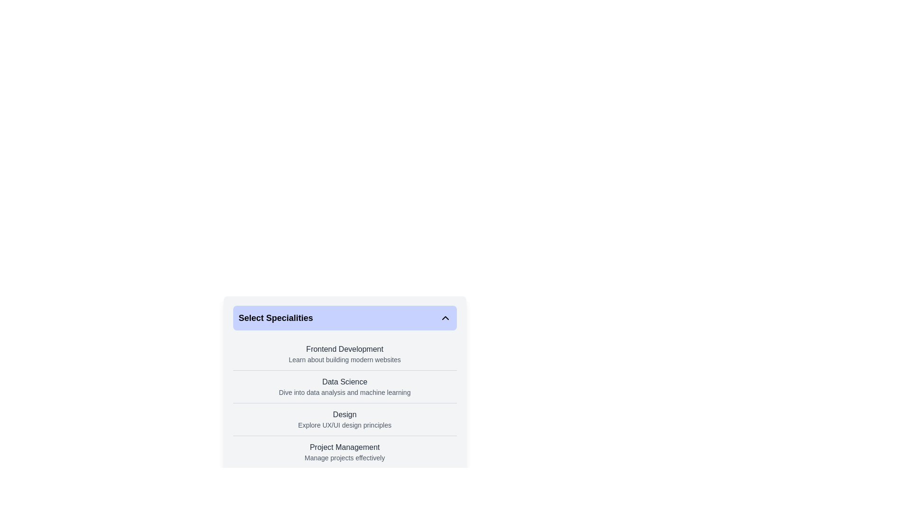  What do you see at coordinates (344, 393) in the screenshot?
I see `descriptive text located beneath the 'Data Science' heading in the 'Select Specialities' list, which provides details about the Data Science category` at bounding box center [344, 393].